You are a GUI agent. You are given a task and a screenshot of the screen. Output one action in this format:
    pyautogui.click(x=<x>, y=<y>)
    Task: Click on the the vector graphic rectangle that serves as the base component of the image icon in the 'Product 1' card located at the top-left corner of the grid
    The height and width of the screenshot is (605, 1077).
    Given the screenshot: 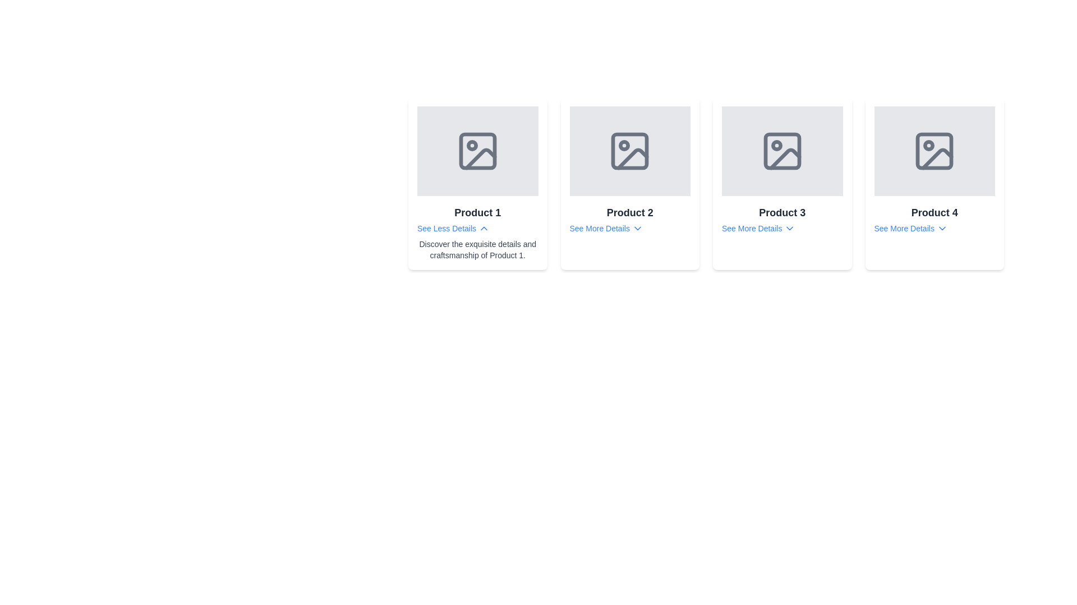 What is the action you would take?
    pyautogui.click(x=477, y=151)
    